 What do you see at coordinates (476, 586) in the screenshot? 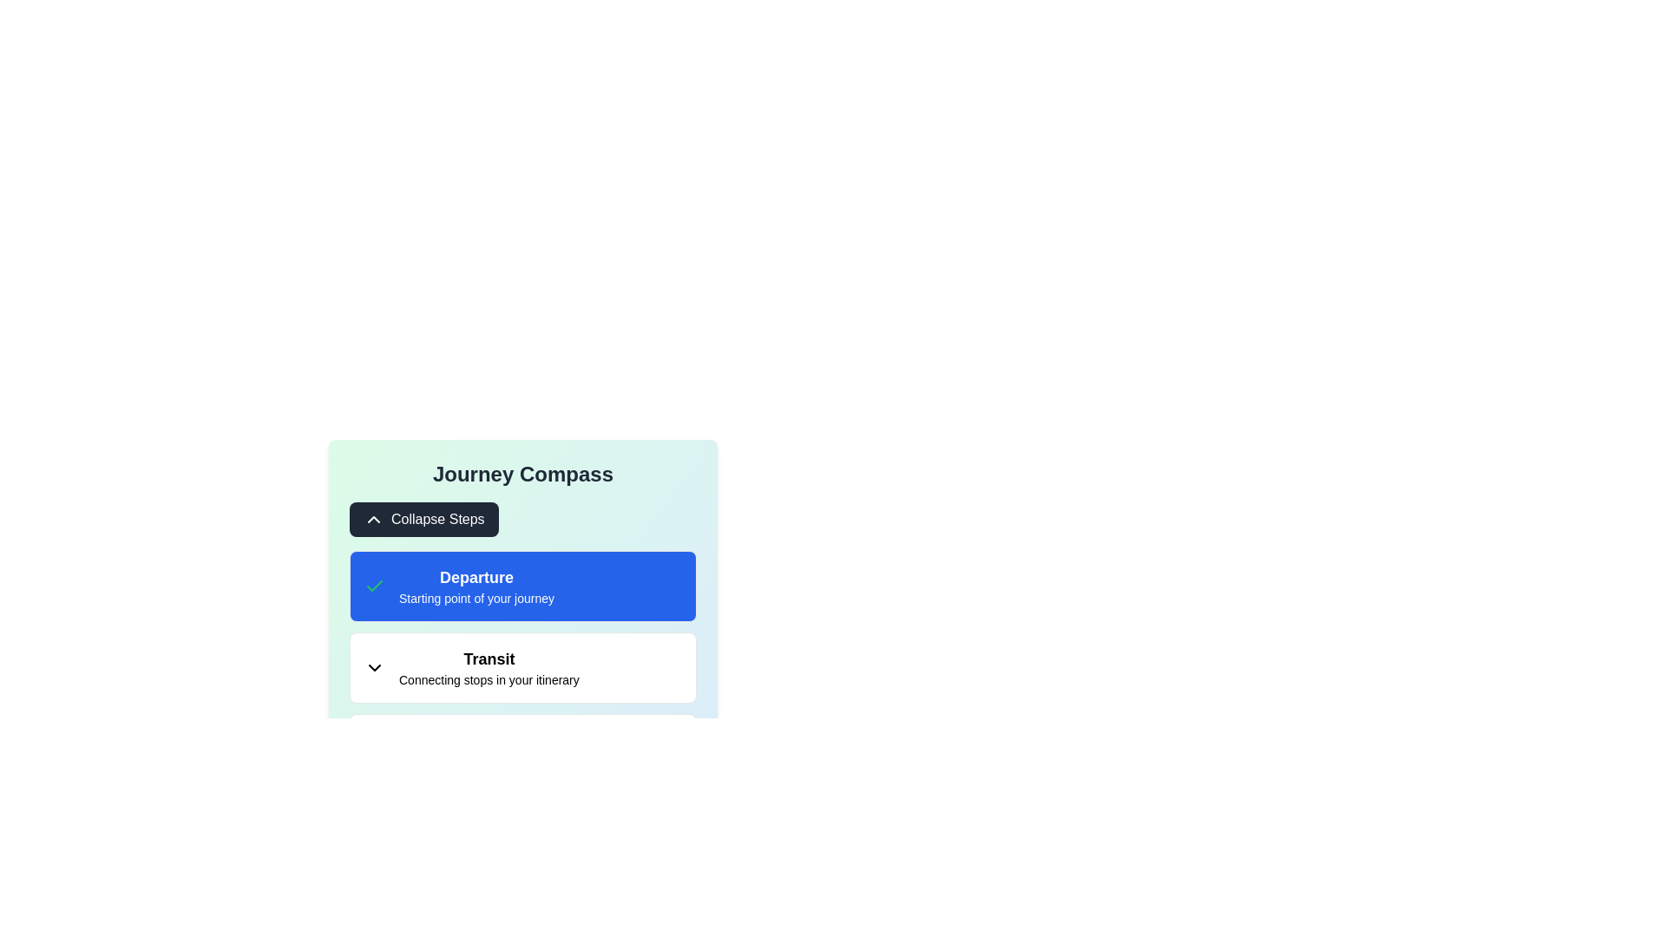
I see `the text label within the blue rectangular button that displays 'Departure' and 'Starting point of your journey.'` at bounding box center [476, 586].